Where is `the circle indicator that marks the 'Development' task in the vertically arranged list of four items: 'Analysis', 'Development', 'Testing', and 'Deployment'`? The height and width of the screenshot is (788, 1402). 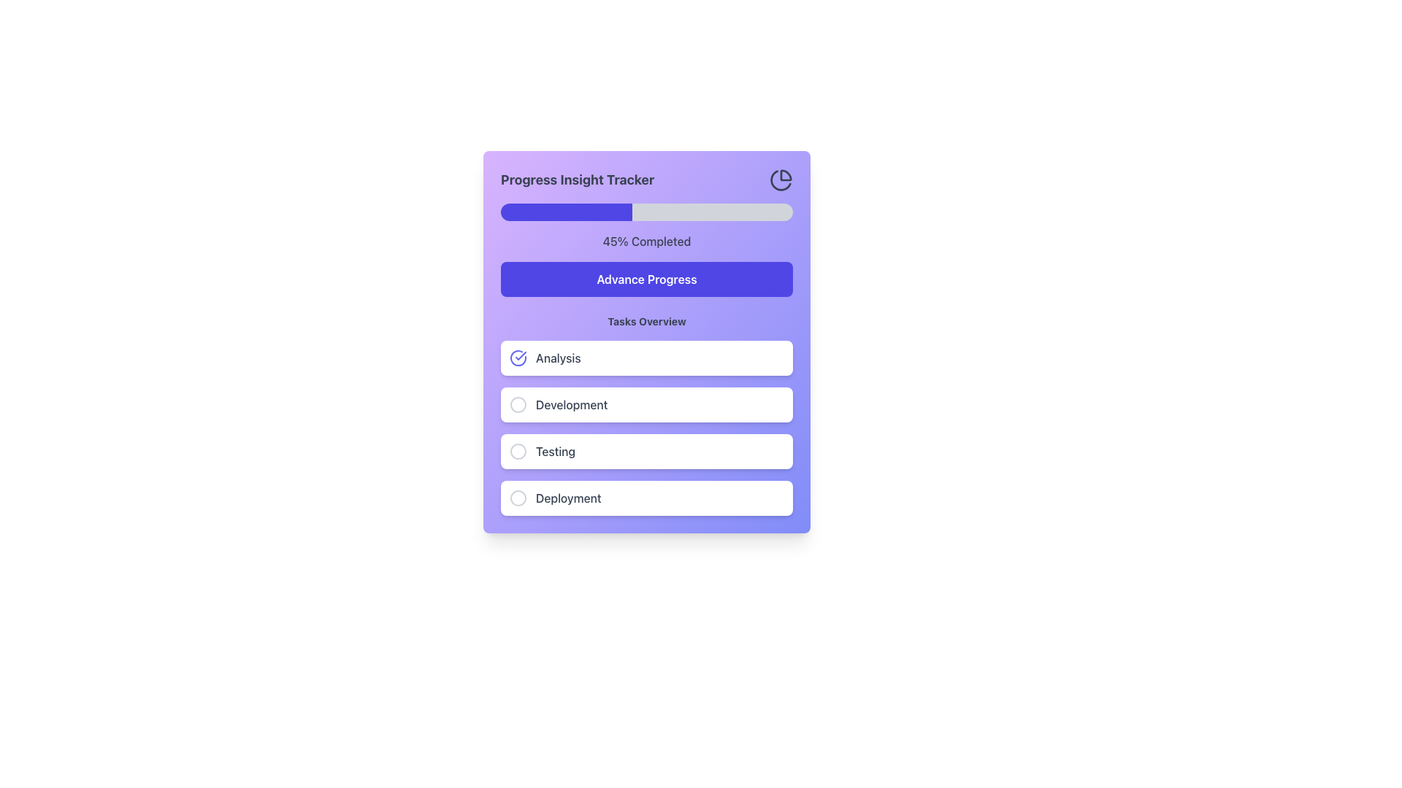 the circle indicator that marks the 'Development' task in the vertically arranged list of four items: 'Analysis', 'Development', 'Testing', and 'Deployment' is located at coordinates (518, 405).